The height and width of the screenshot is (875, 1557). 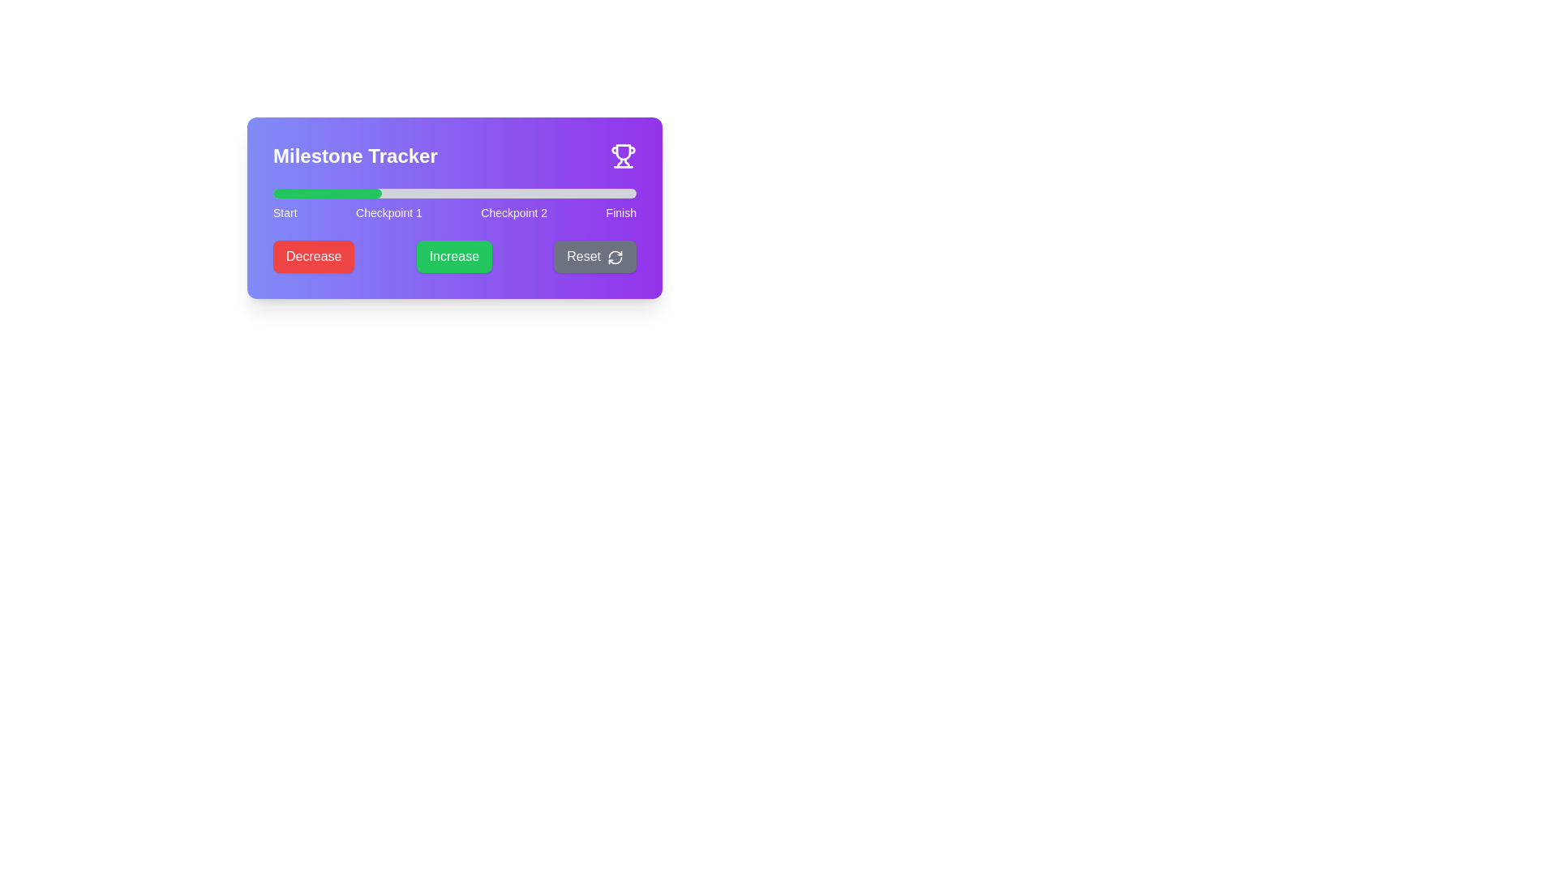 I want to click on the red rectangular button labeled 'Decrease', so click(x=314, y=255).